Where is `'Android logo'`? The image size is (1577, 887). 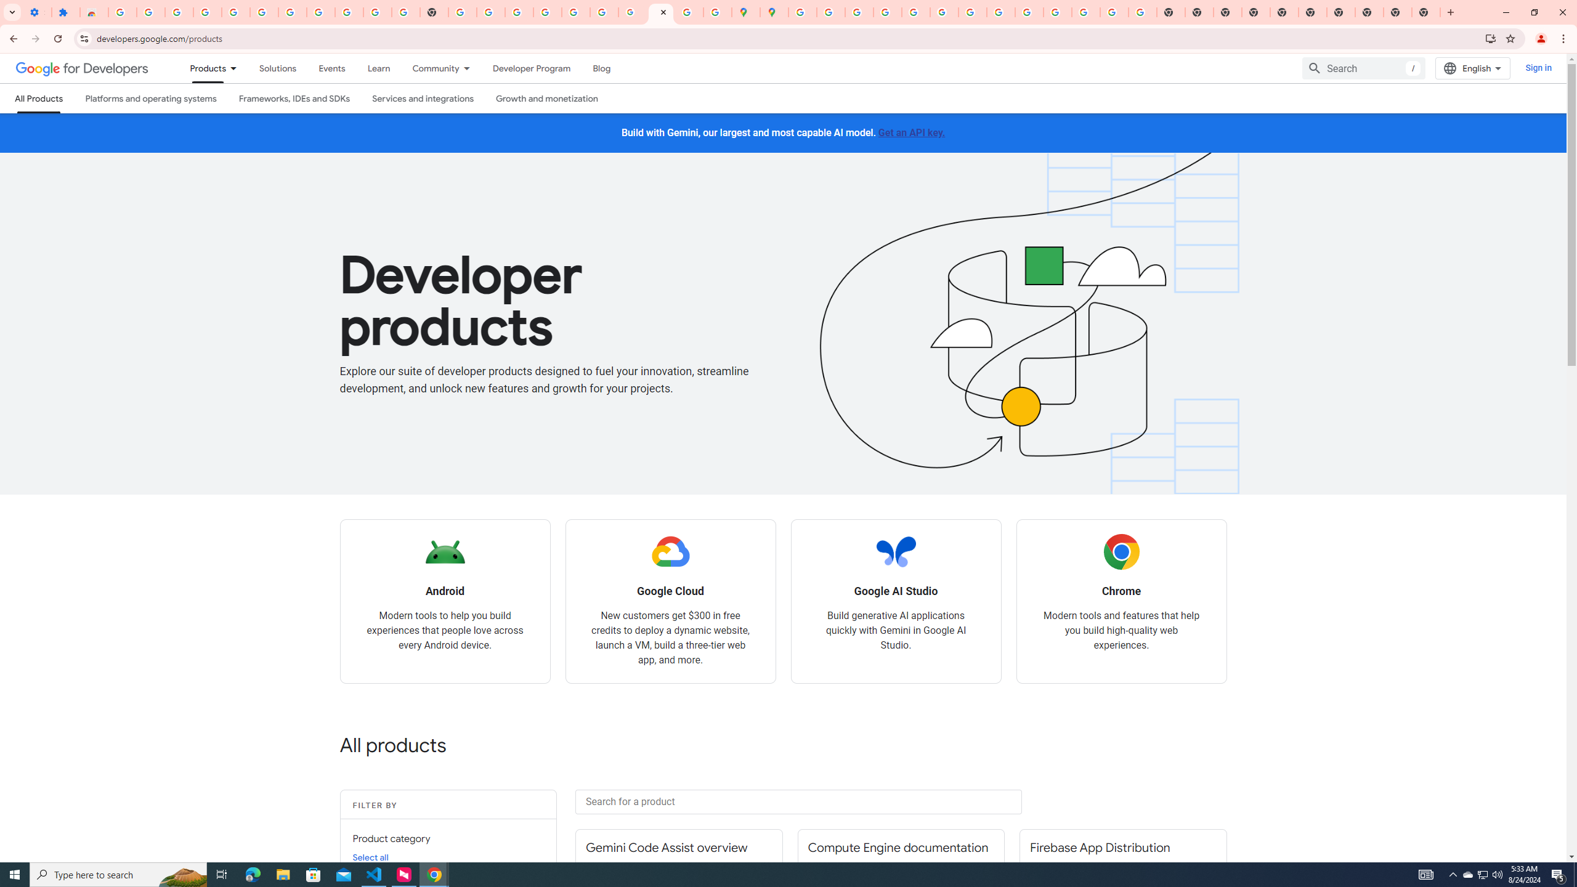
'Android logo' is located at coordinates (445, 552).